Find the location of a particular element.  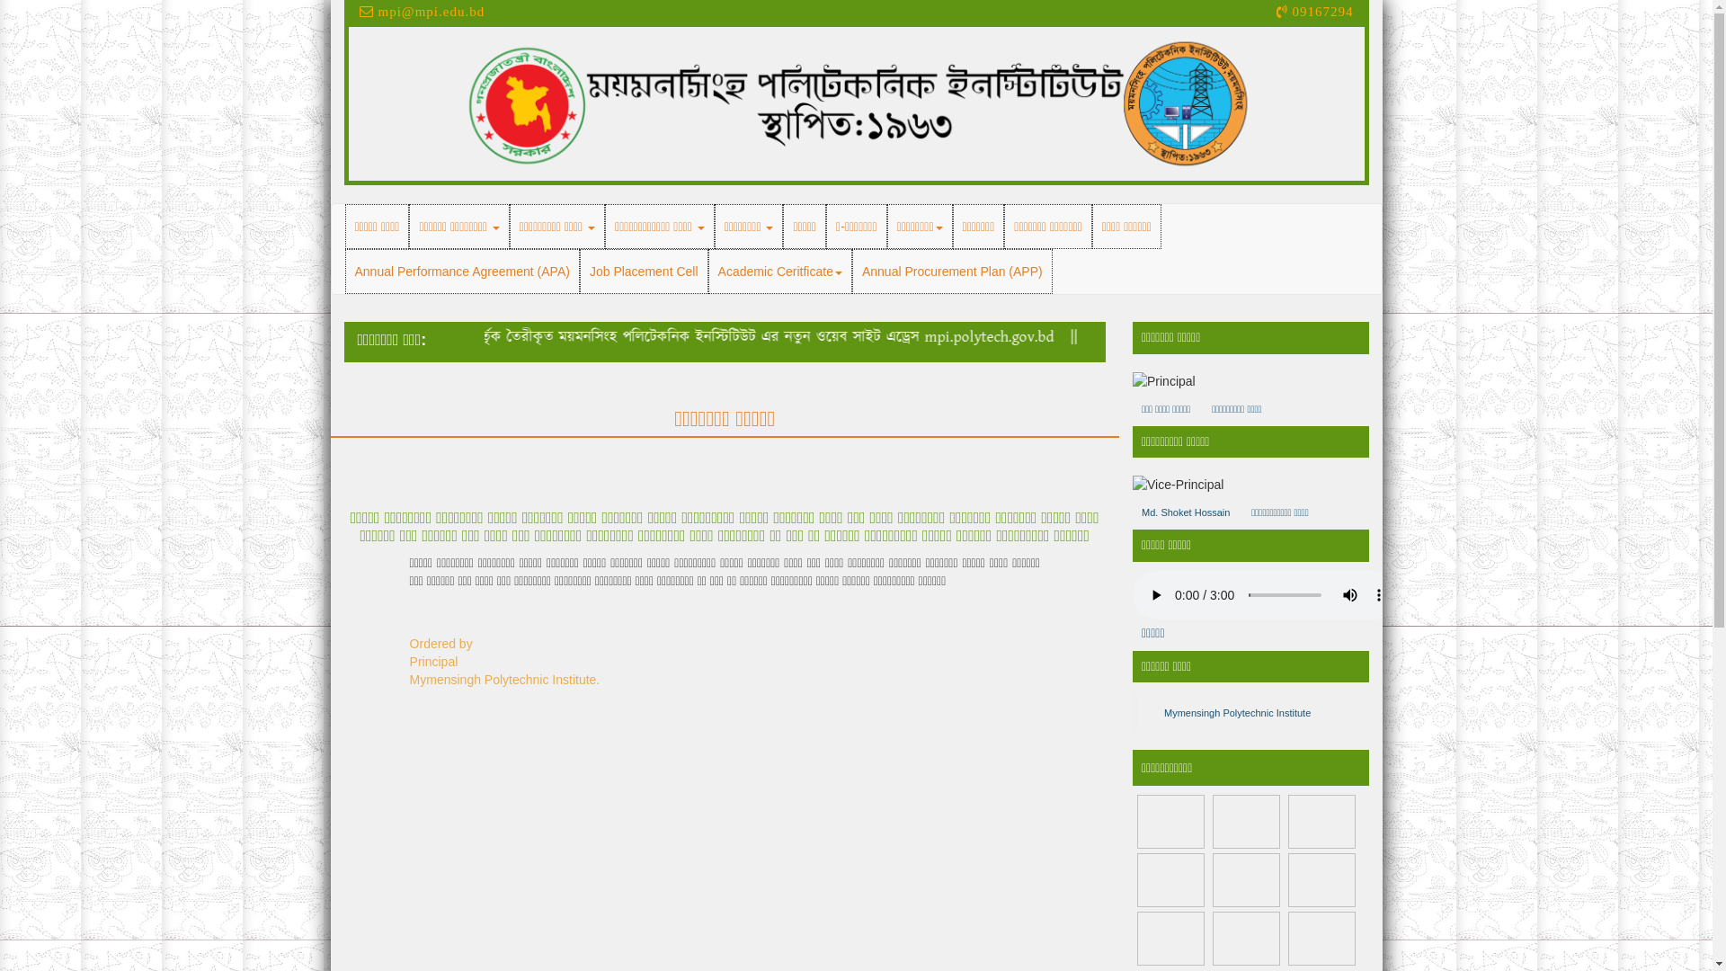

'Mymensingh Polytechnic Institute' is located at coordinates (1236, 712).